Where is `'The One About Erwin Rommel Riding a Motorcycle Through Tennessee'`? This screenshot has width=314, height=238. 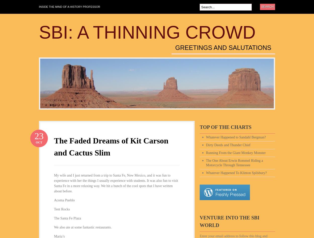
'The One About Erwin Rommel Riding a Motorcycle Through Tennessee' is located at coordinates (234, 163).